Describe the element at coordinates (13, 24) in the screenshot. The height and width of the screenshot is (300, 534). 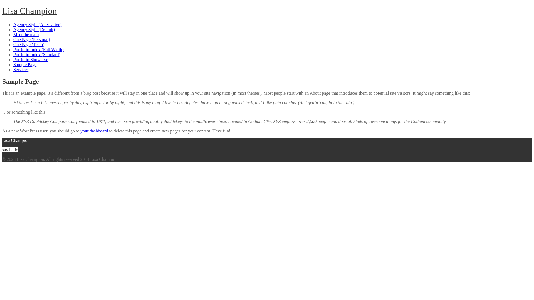
I see `'Agency Style (Alternative)'` at that location.